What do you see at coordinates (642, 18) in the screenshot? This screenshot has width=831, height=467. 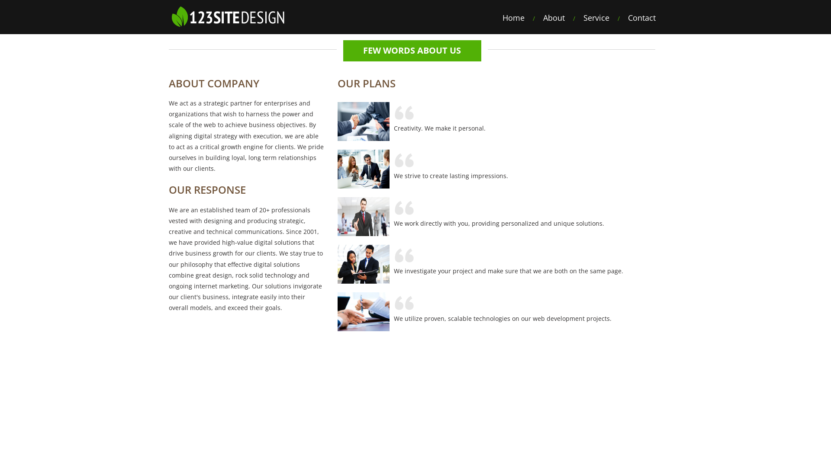 I see `'Contact'` at bounding box center [642, 18].